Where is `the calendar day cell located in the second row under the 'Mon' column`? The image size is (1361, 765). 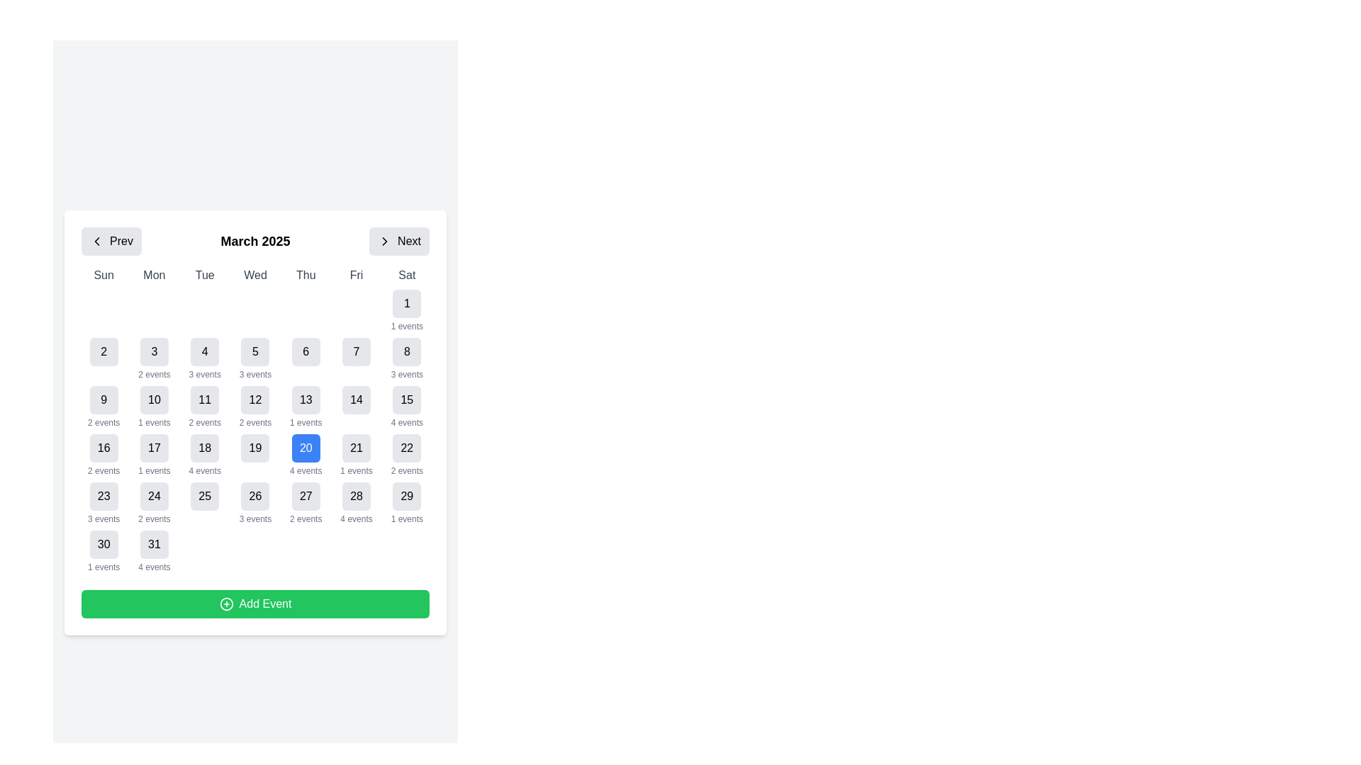
the calendar day cell located in the second row under the 'Mon' column is located at coordinates (154, 358).